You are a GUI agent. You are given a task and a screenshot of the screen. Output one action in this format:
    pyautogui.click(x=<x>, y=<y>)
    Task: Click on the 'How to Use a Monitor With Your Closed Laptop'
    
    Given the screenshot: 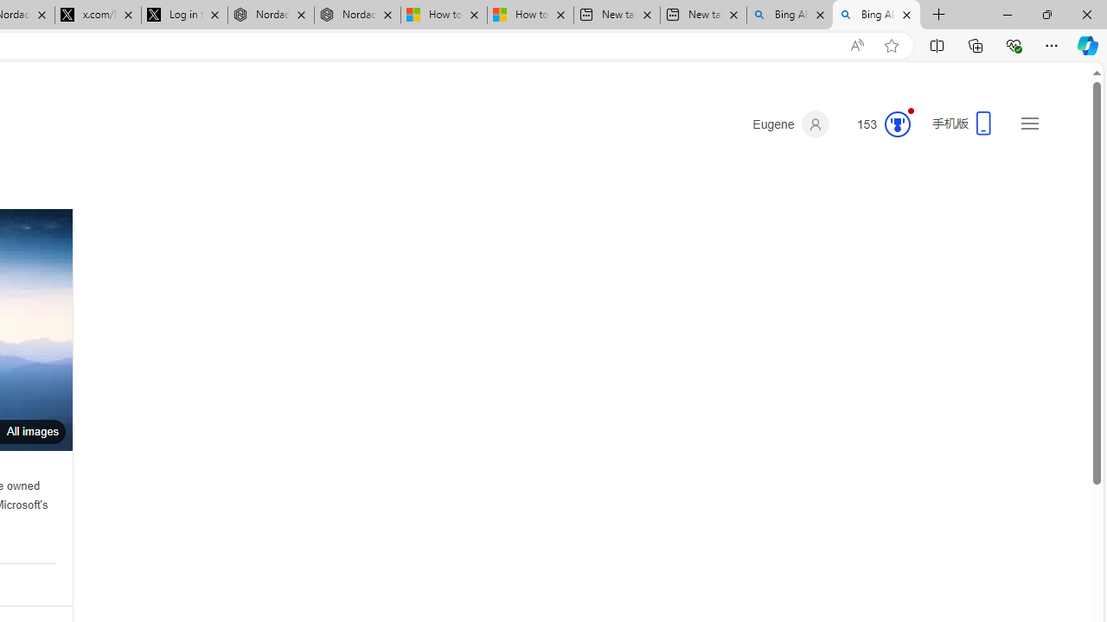 What is the action you would take?
    pyautogui.click(x=529, y=15)
    